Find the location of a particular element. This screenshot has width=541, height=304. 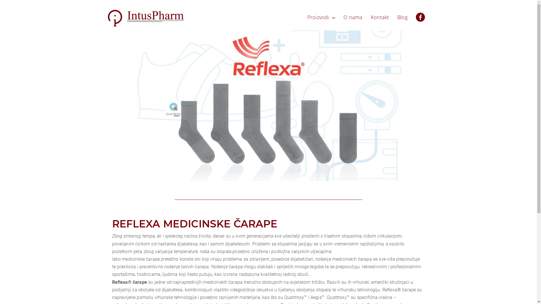

'O nama' is located at coordinates (352, 17).